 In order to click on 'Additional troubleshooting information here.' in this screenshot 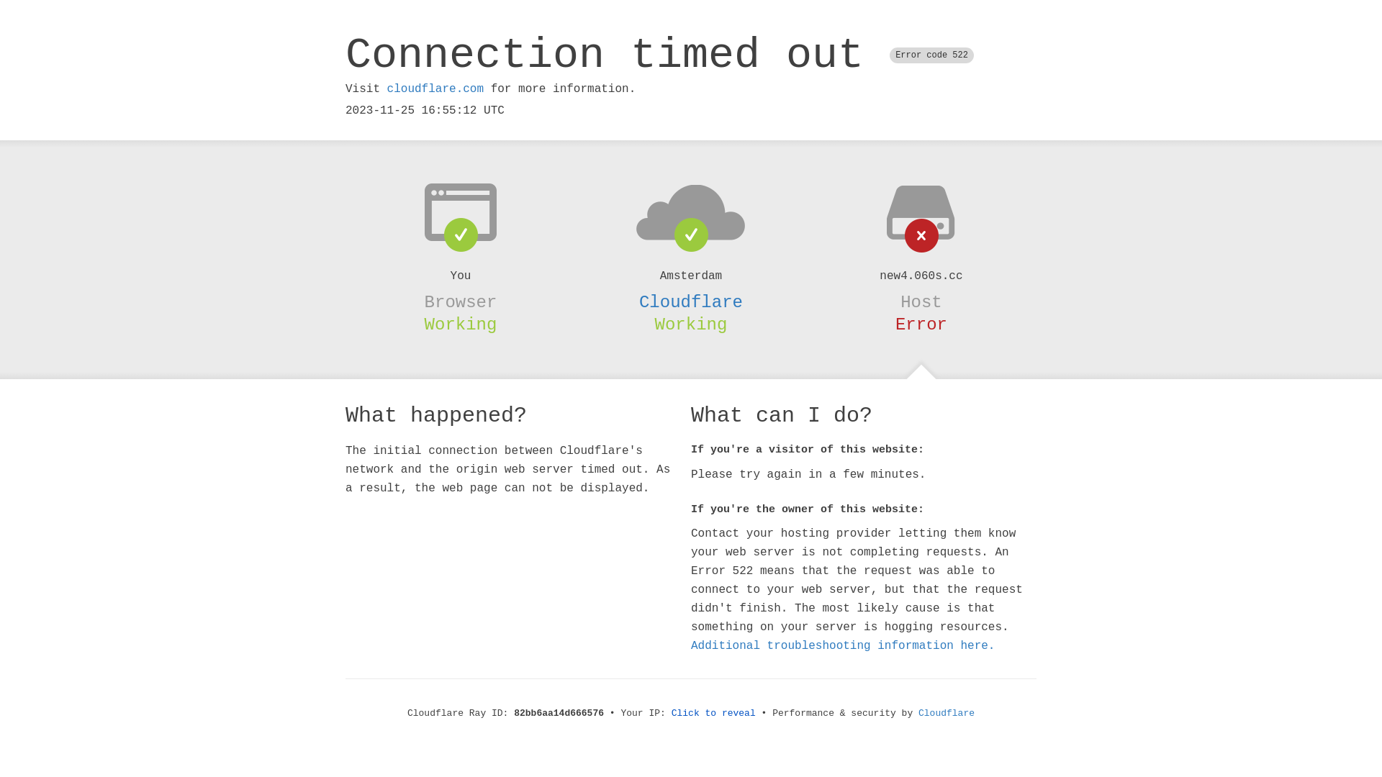, I will do `click(843, 645)`.